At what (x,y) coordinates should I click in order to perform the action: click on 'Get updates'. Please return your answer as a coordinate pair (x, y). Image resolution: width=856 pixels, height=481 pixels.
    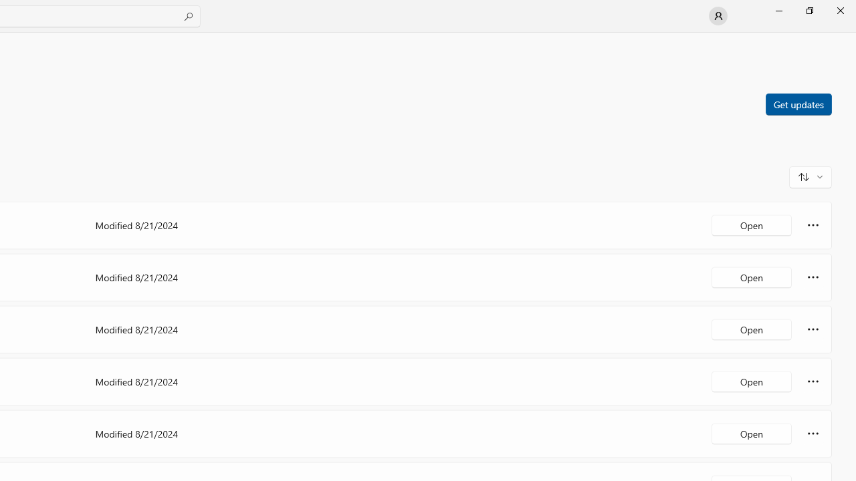
    Looking at the image, I should click on (798, 103).